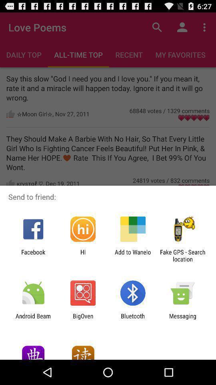 The image size is (216, 385). Describe the element at coordinates (82, 319) in the screenshot. I see `app to the right of the android beam` at that location.